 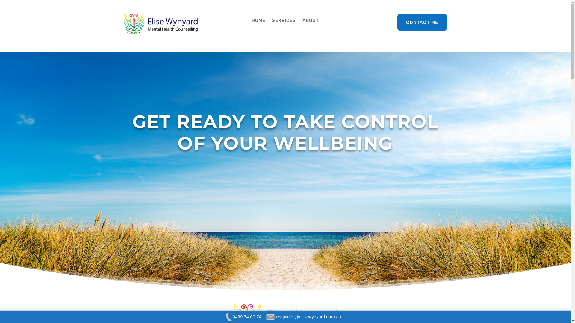 What do you see at coordinates (304, 316) in the screenshot?
I see `'enquiries@elisewynyard.com.au'` at bounding box center [304, 316].